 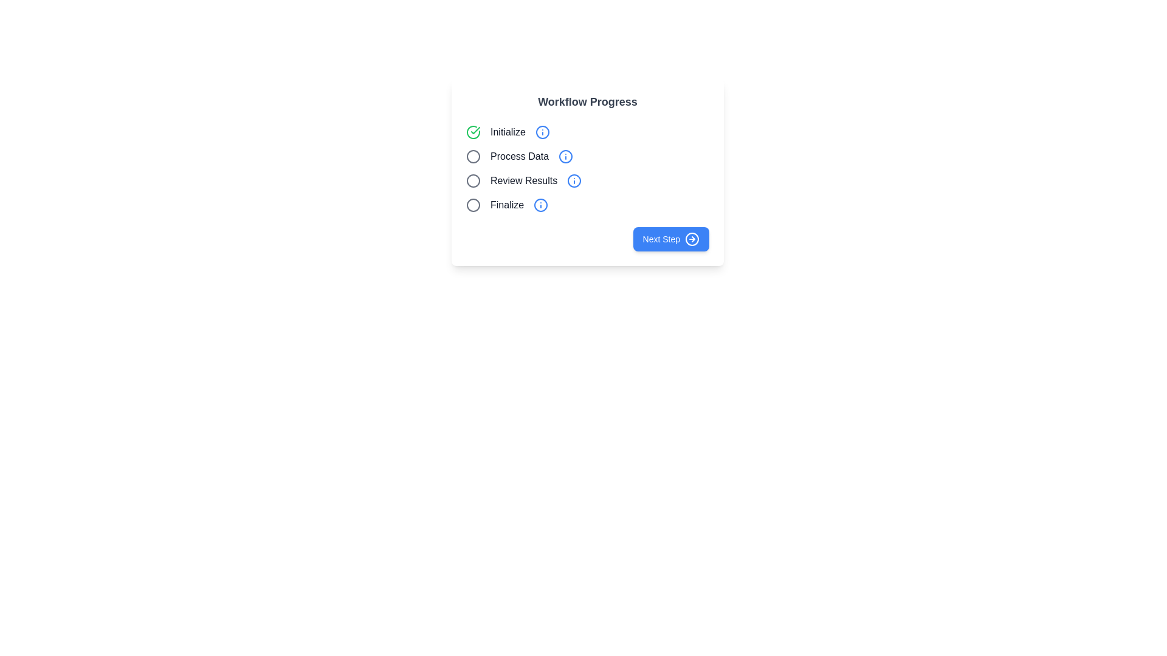 I want to click on the small blue circular informational icon located to the right of the 'Process Data' text, which has a hollow circle and a filled dot inside, so click(x=565, y=156).